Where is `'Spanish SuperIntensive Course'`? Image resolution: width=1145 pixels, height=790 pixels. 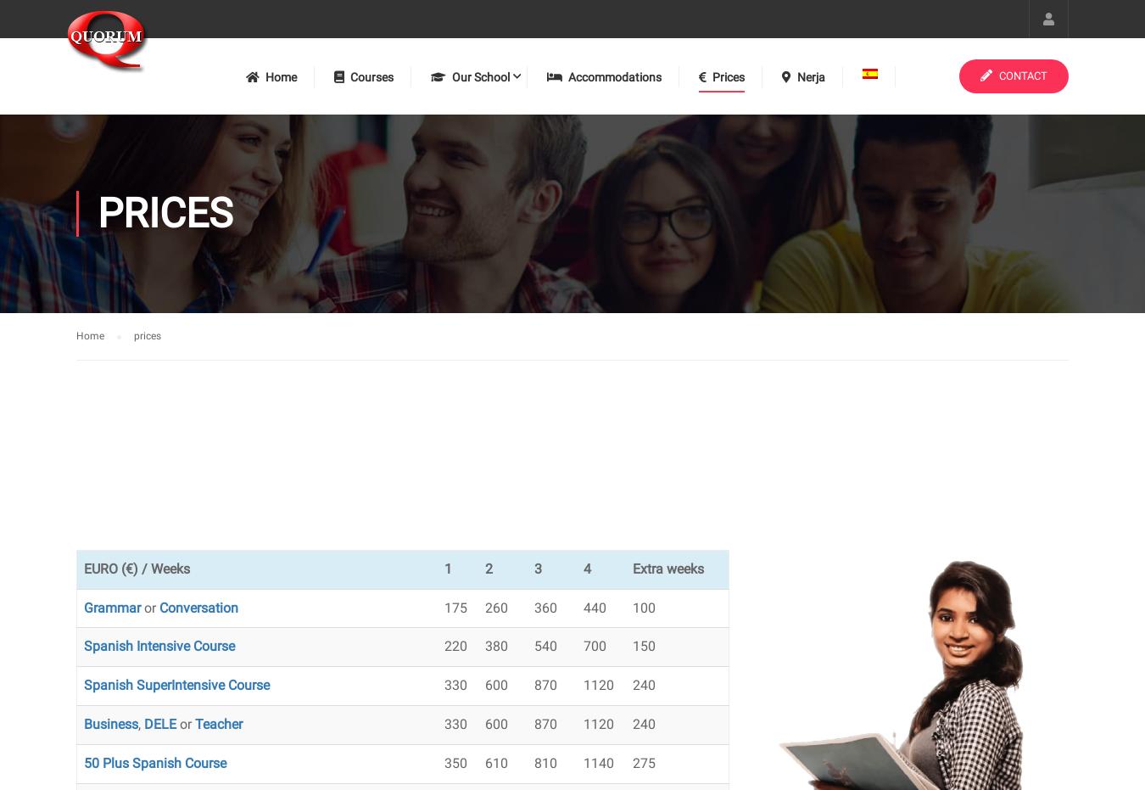 'Spanish SuperIntensive Course' is located at coordinates (176, 684).